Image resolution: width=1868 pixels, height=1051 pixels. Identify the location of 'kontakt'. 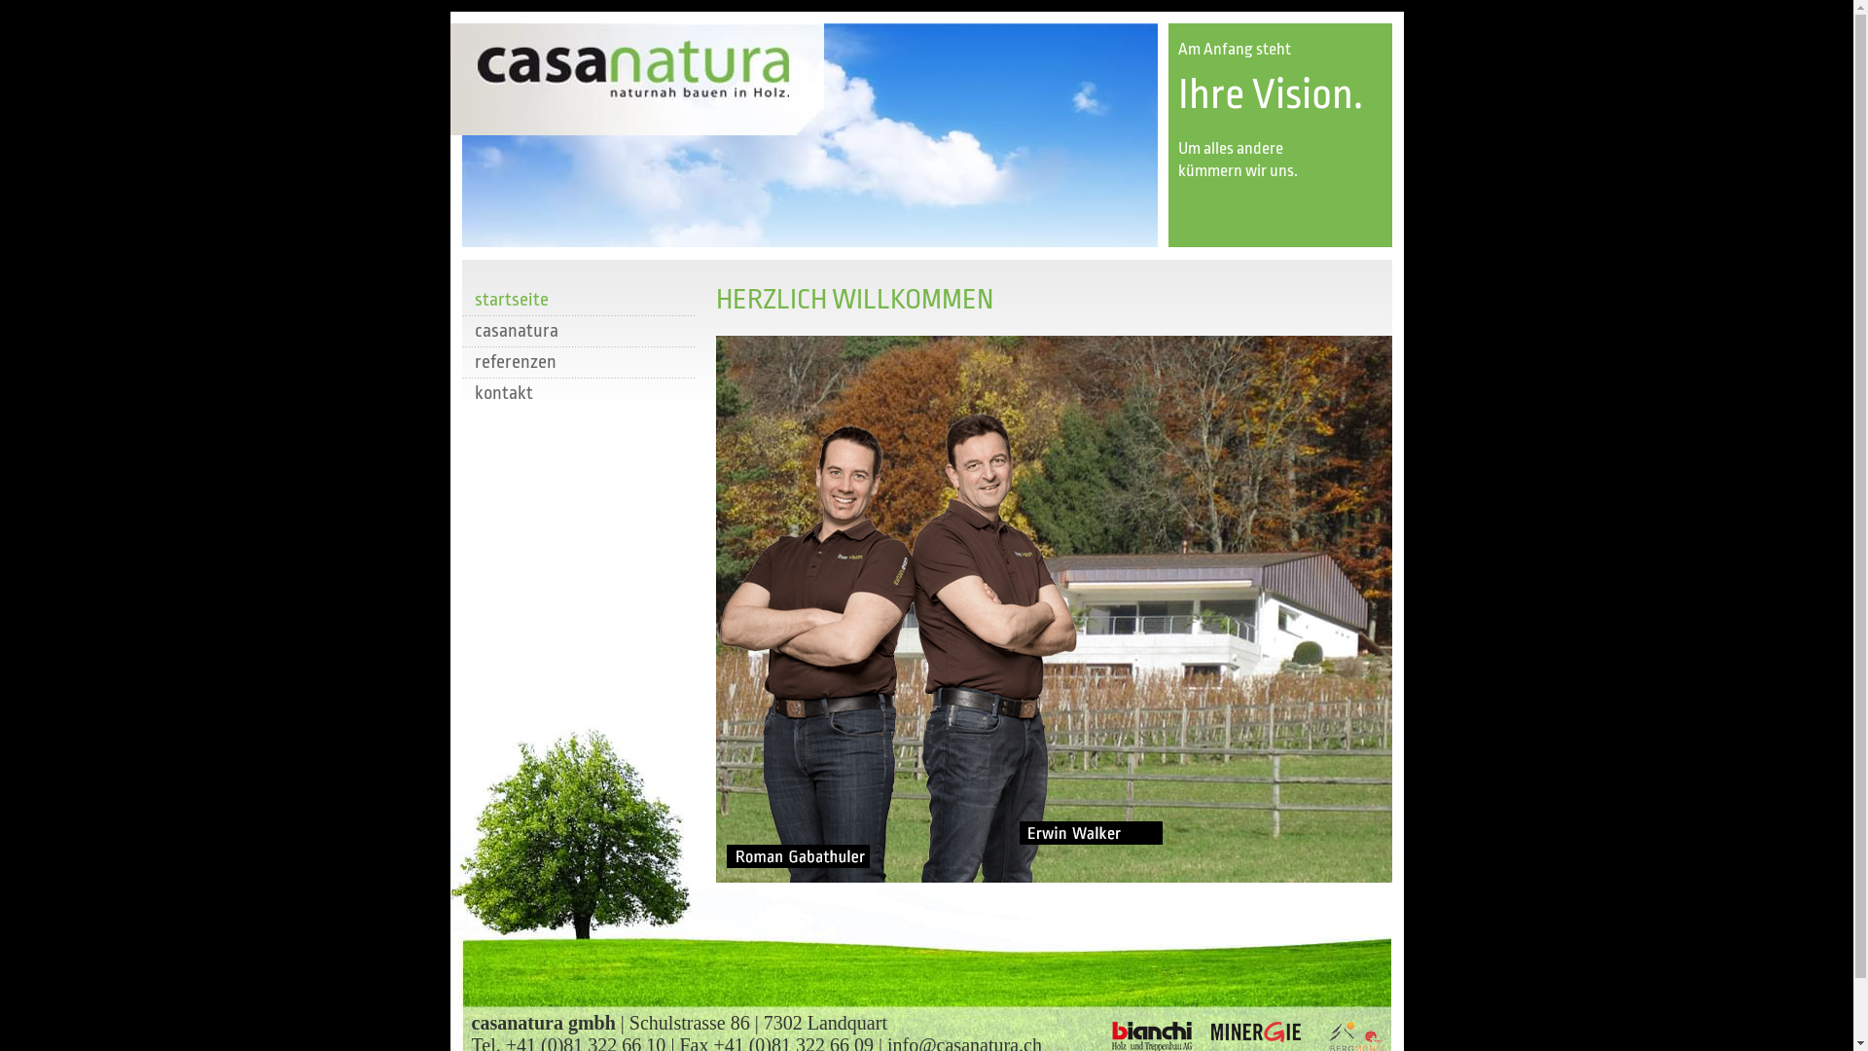
(577, 393).